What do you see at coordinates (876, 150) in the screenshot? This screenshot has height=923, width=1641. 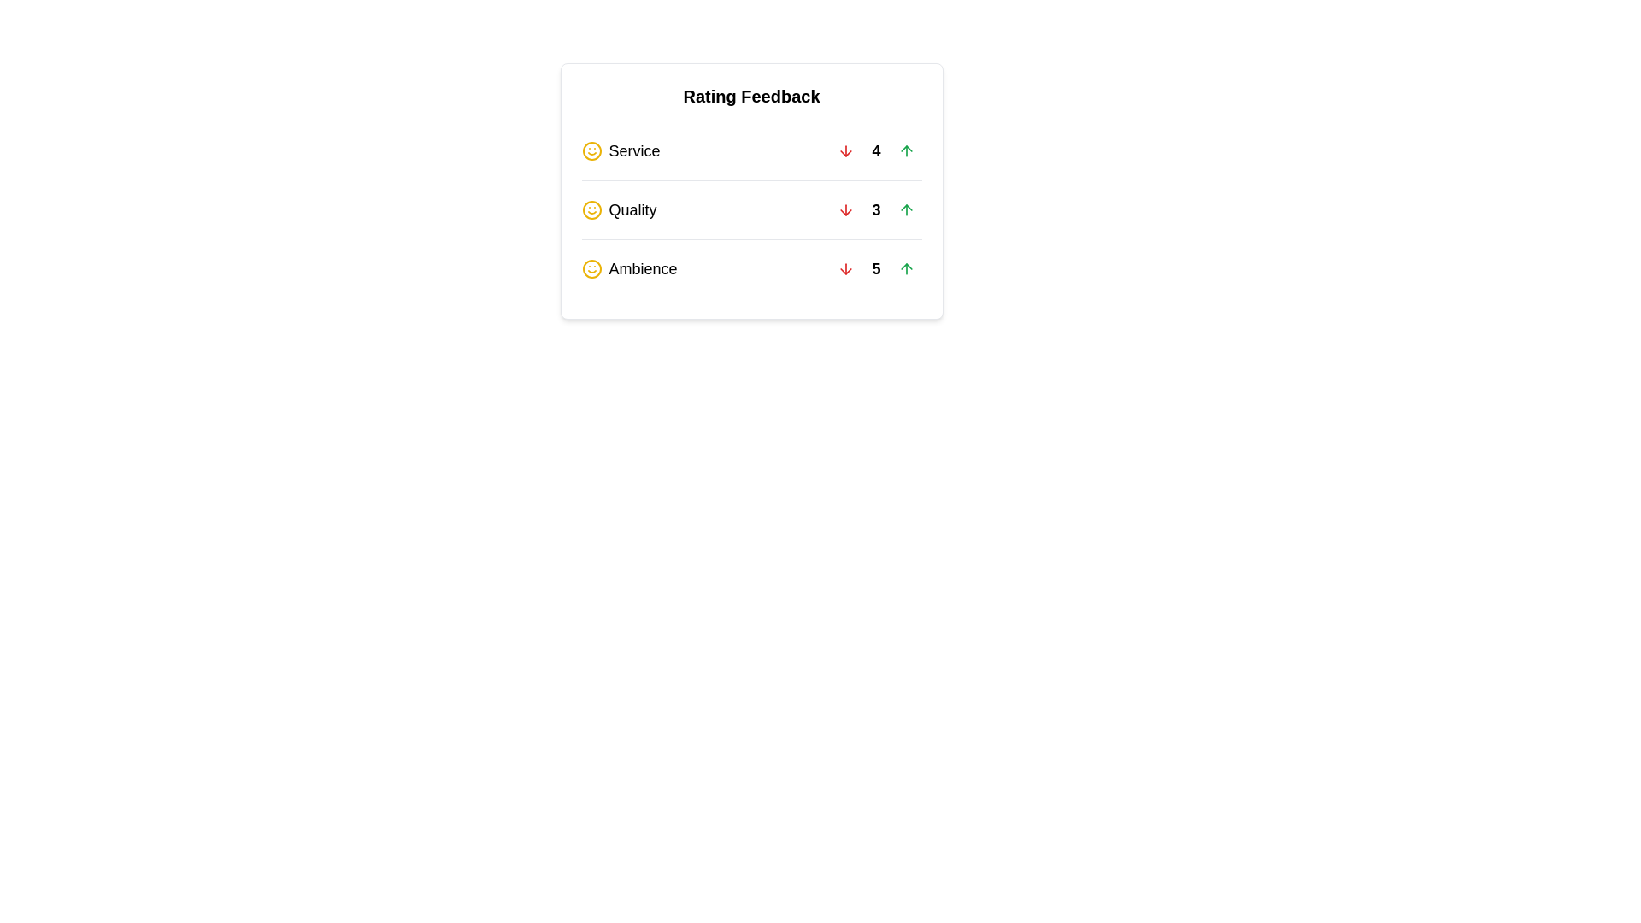 I see `the numerical display showing the value '4', which is centrally placed between a red decrease arrow and a green increase arrow, indicating it is a core part of the UI` at bounding box center [876, 150].